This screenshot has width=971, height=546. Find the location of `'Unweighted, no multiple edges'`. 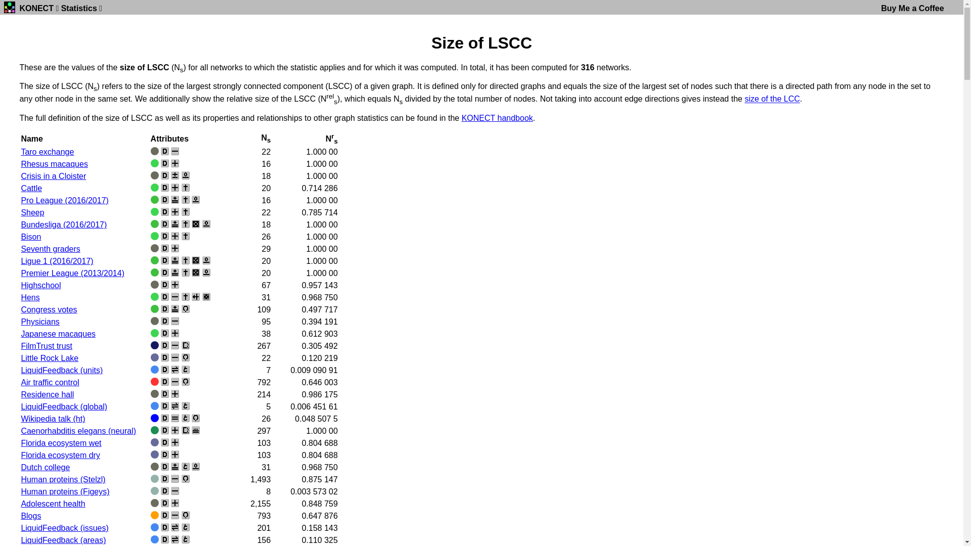

'Unweighted, no multiple edges' is located at coordinates (174, 151).